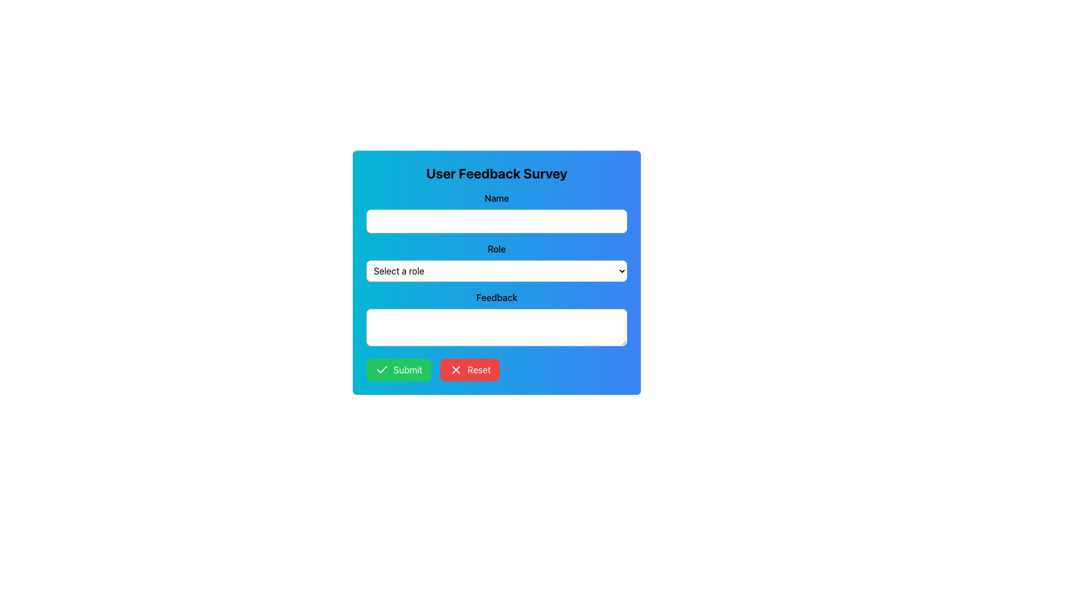 The image size is (1084, 610). What do you see at coordinates (496, 271) in the screenshot?
I see `an option from the dropdown menu located below the 'Role' label and above the 'Feedback' text area` at bounding box center [496, 271].